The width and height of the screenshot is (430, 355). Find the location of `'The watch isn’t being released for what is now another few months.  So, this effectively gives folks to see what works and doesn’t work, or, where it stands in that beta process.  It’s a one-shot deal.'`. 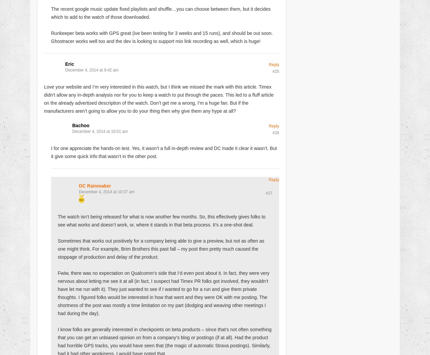

'The watch isn’t being released for what is now another few months.  So, this effectively gives folks to see what works and doesn’t work, or, where it stands in that beta process.  It’s a one-shot deal.' is located at coordinates (162, 220).